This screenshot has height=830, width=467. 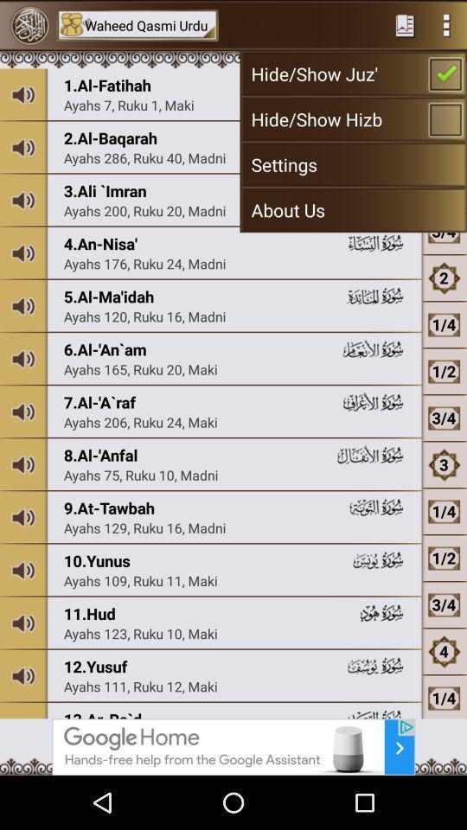 What do you see at coordinates (233, 746) in the screenshot?
I see `open advertisement` at bounding box center [233, 746].